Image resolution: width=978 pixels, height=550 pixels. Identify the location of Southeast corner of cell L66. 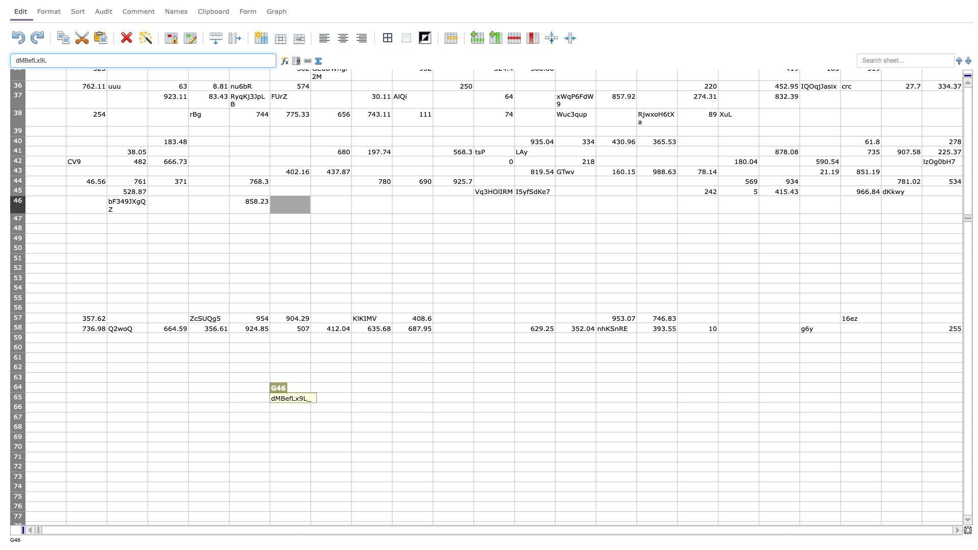
(514, 411).